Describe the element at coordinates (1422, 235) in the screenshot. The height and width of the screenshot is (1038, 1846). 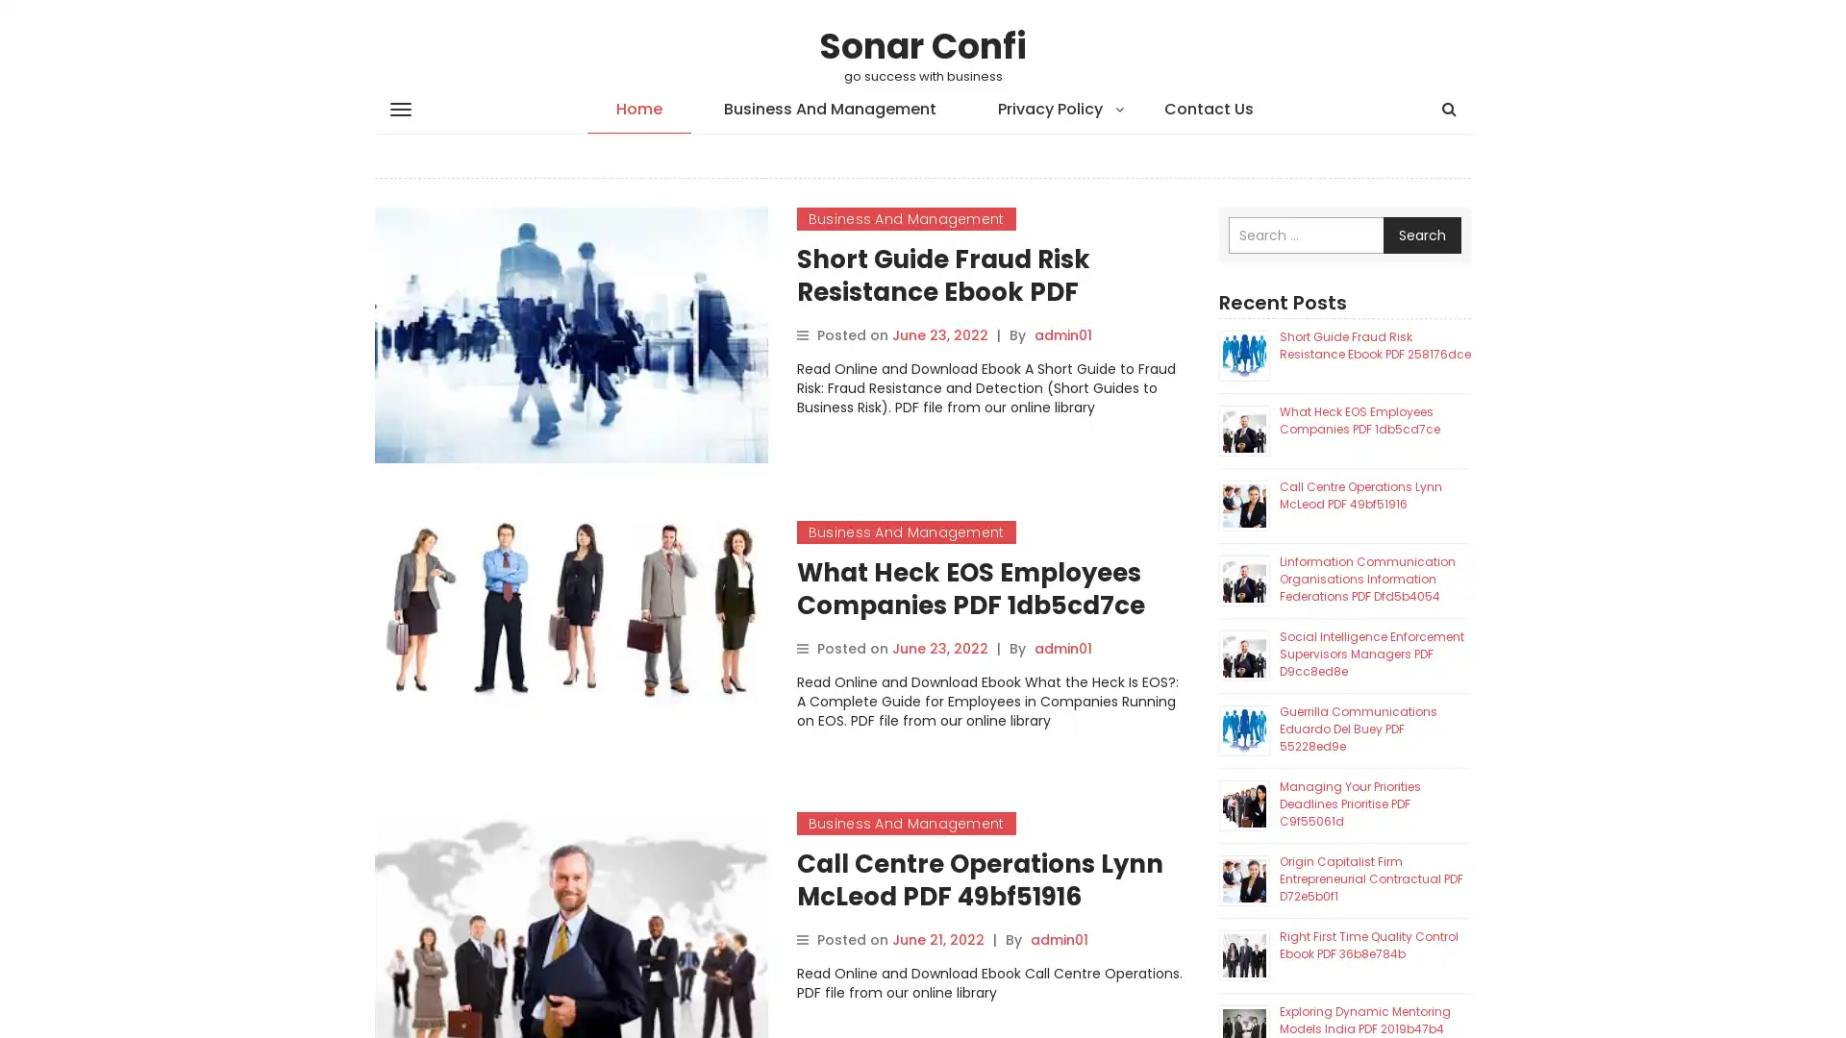
I see `Search` at that location.